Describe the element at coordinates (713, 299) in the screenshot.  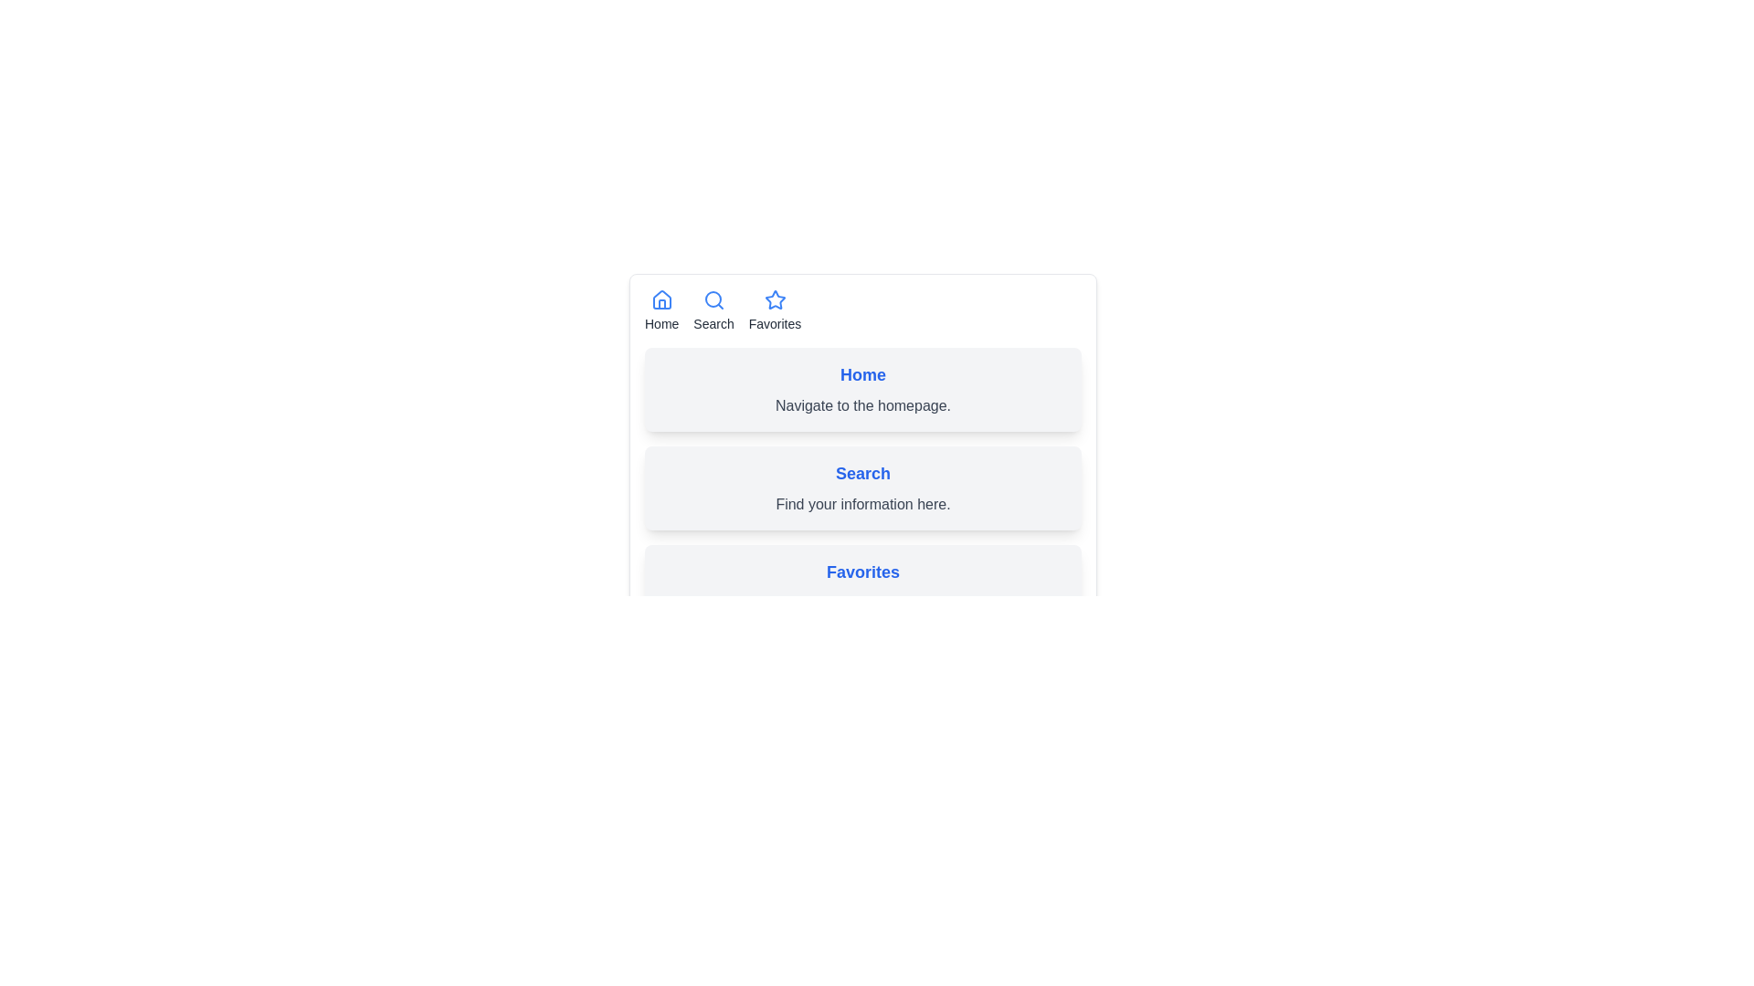
I see `the blue magnifying glass icon located in the second group of elements in the horizontal navigation bar` at that location.